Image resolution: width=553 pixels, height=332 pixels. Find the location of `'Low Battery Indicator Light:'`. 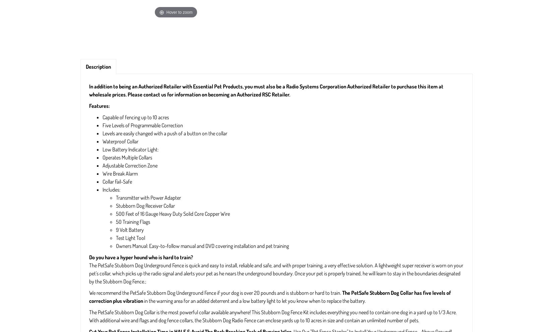

'Low Battery Indicator Light:' is located at coordinates (130, 149).